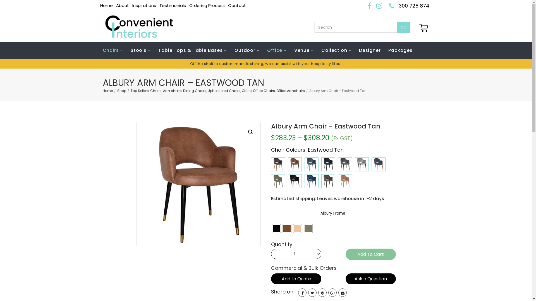 Image resolution: width=536 pixels, height=301 pixels. I want to click on 'Collection', so click(317, 50).